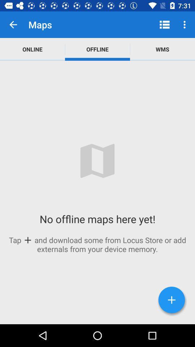  What do you see at coordinates (162, 49) in the screenshot?
I see `the wms item` at bounding box center [162, 49].